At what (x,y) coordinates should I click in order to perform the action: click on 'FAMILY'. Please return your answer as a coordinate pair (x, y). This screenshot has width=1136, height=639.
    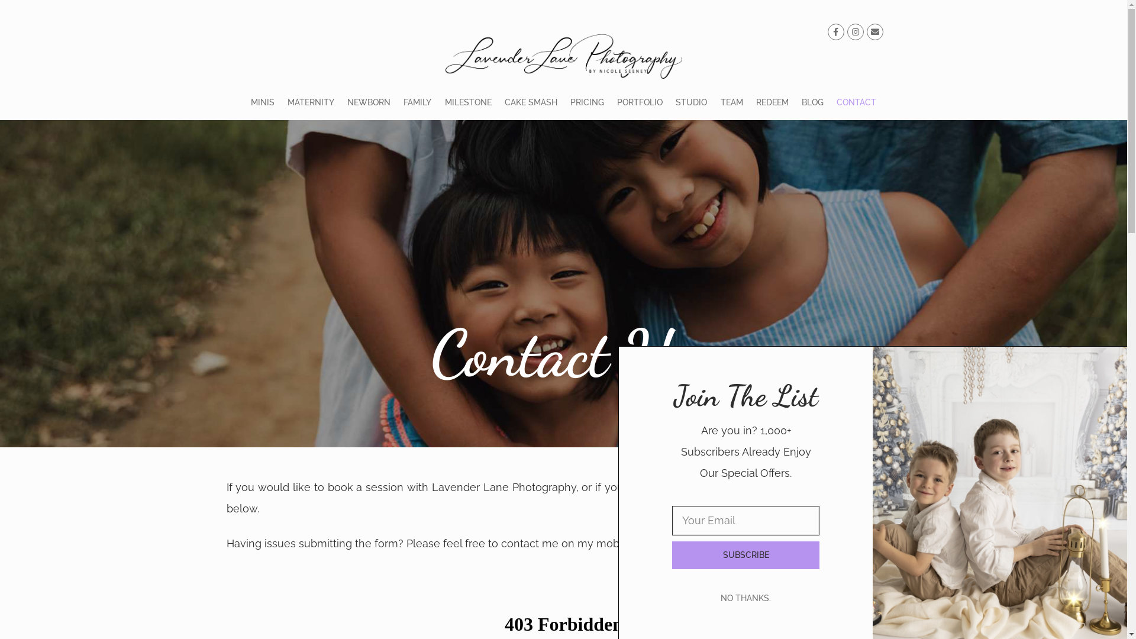
    Looking at the image, I should click on (397, 102).